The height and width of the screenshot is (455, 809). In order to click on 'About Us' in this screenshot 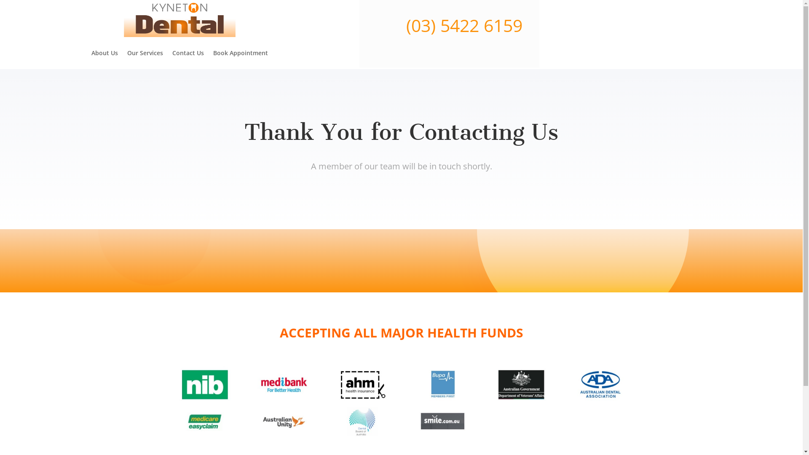, I will do `click(104, 53)`.